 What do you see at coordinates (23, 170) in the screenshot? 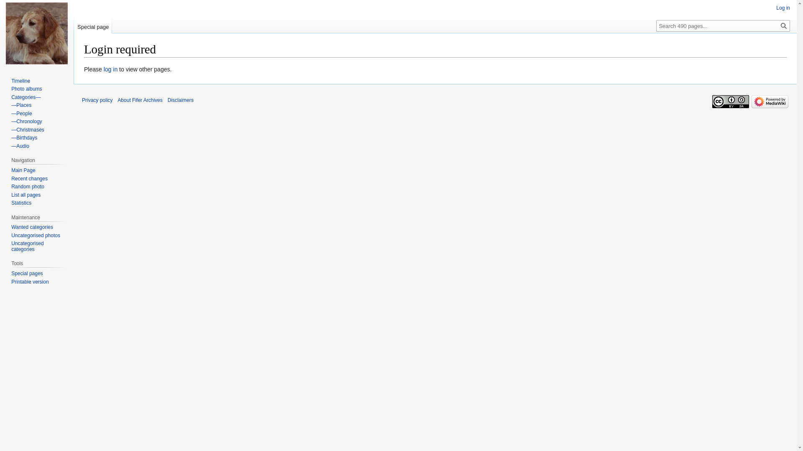
I see `'Main Page'` at bounding box center [23, 170].